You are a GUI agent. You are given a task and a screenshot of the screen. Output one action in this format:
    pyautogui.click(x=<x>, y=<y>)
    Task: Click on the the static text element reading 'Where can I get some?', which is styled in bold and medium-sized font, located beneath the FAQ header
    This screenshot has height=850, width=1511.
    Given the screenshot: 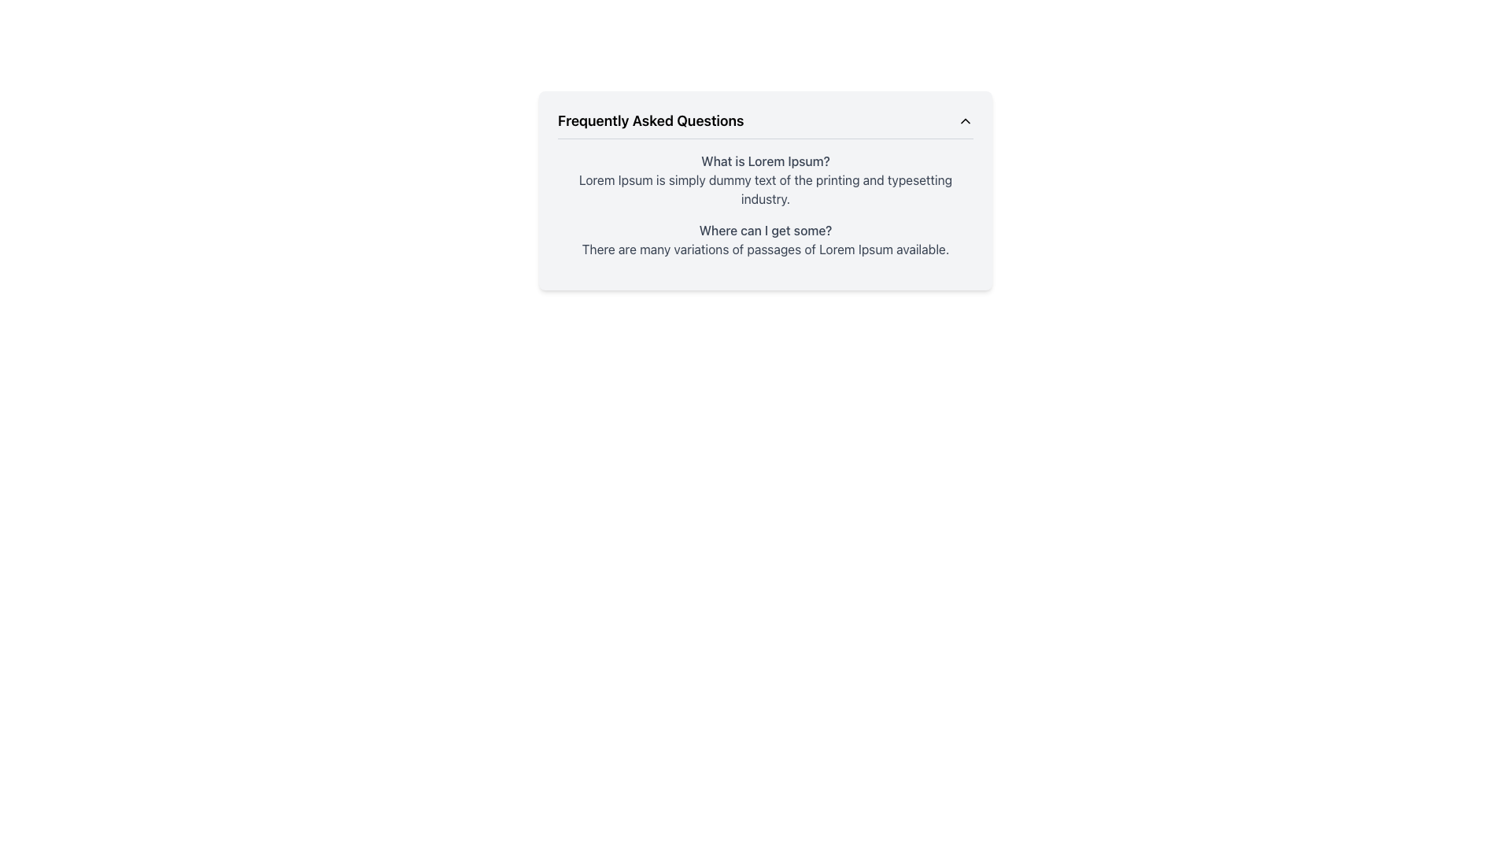 What is the action you would take?
    pyautogui.click(x=766, y=231)
    